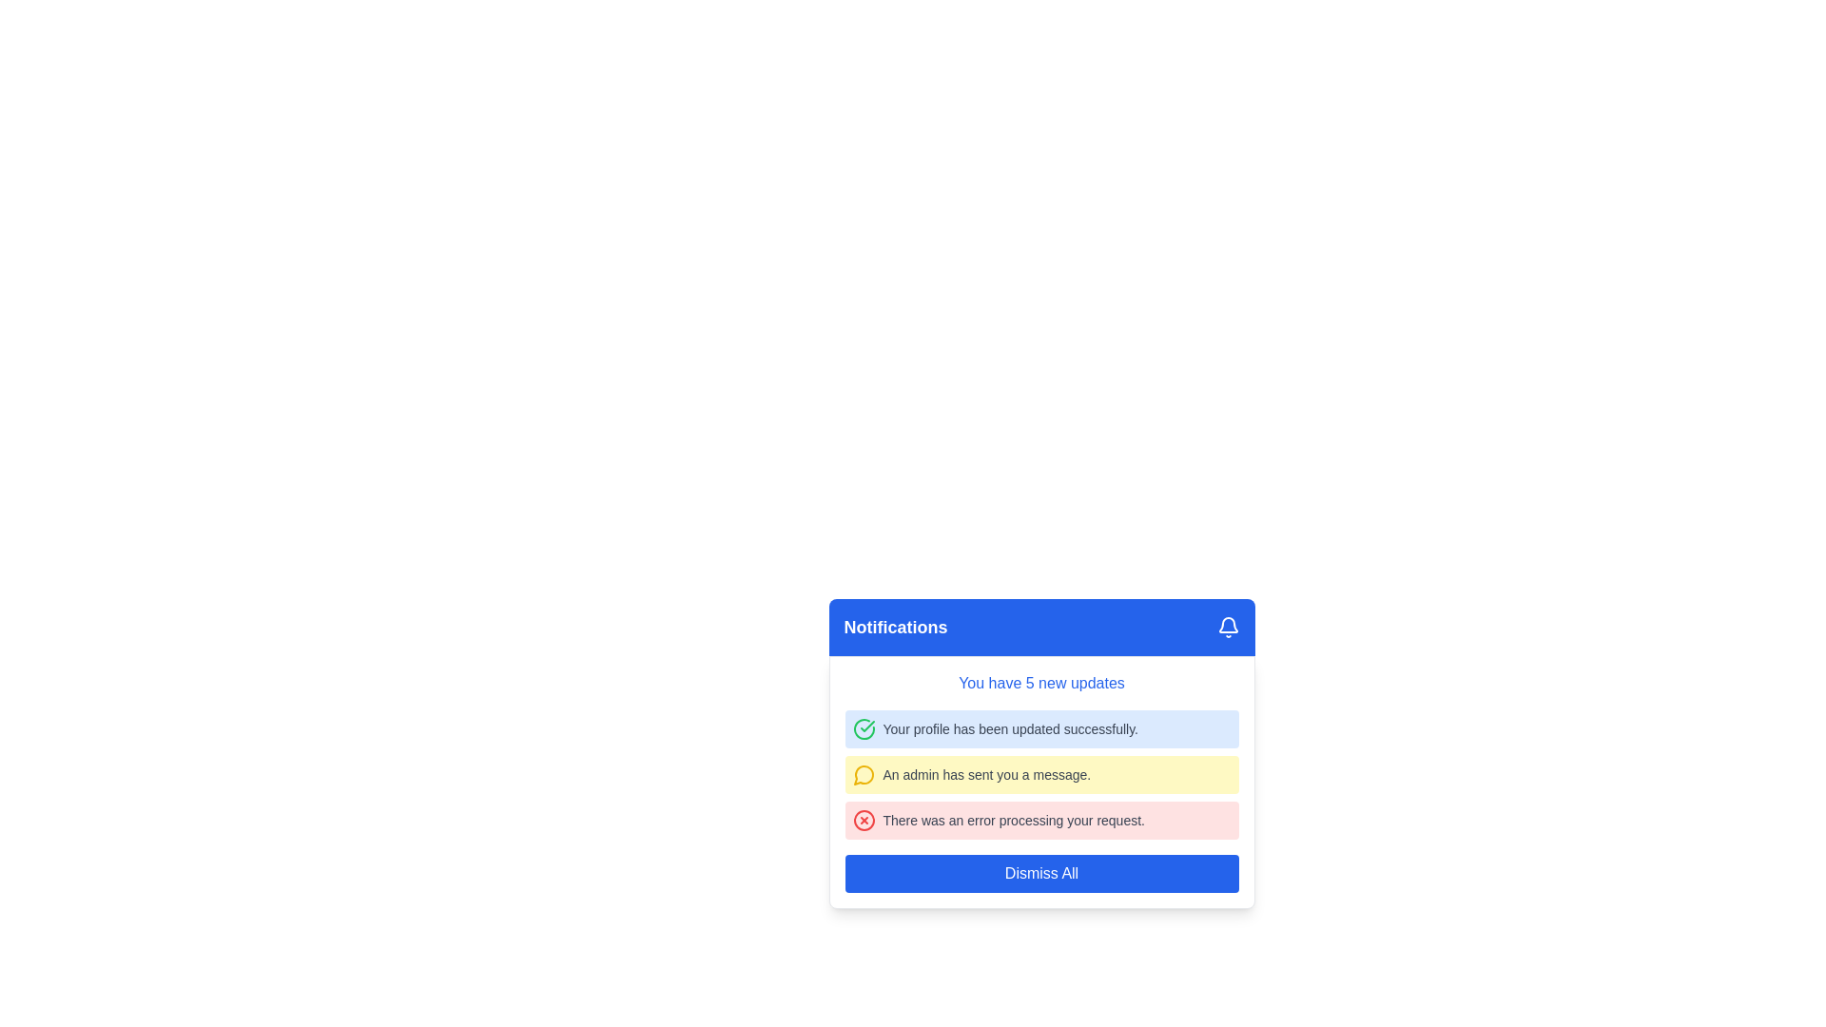  What do you see at coordinates (863, 728) in the screenshot?
I see `the success confirmation icon located at the top-left corner of the notification panel, which indicates that the profile update was completed successfully` at bounding box center [863, 728].